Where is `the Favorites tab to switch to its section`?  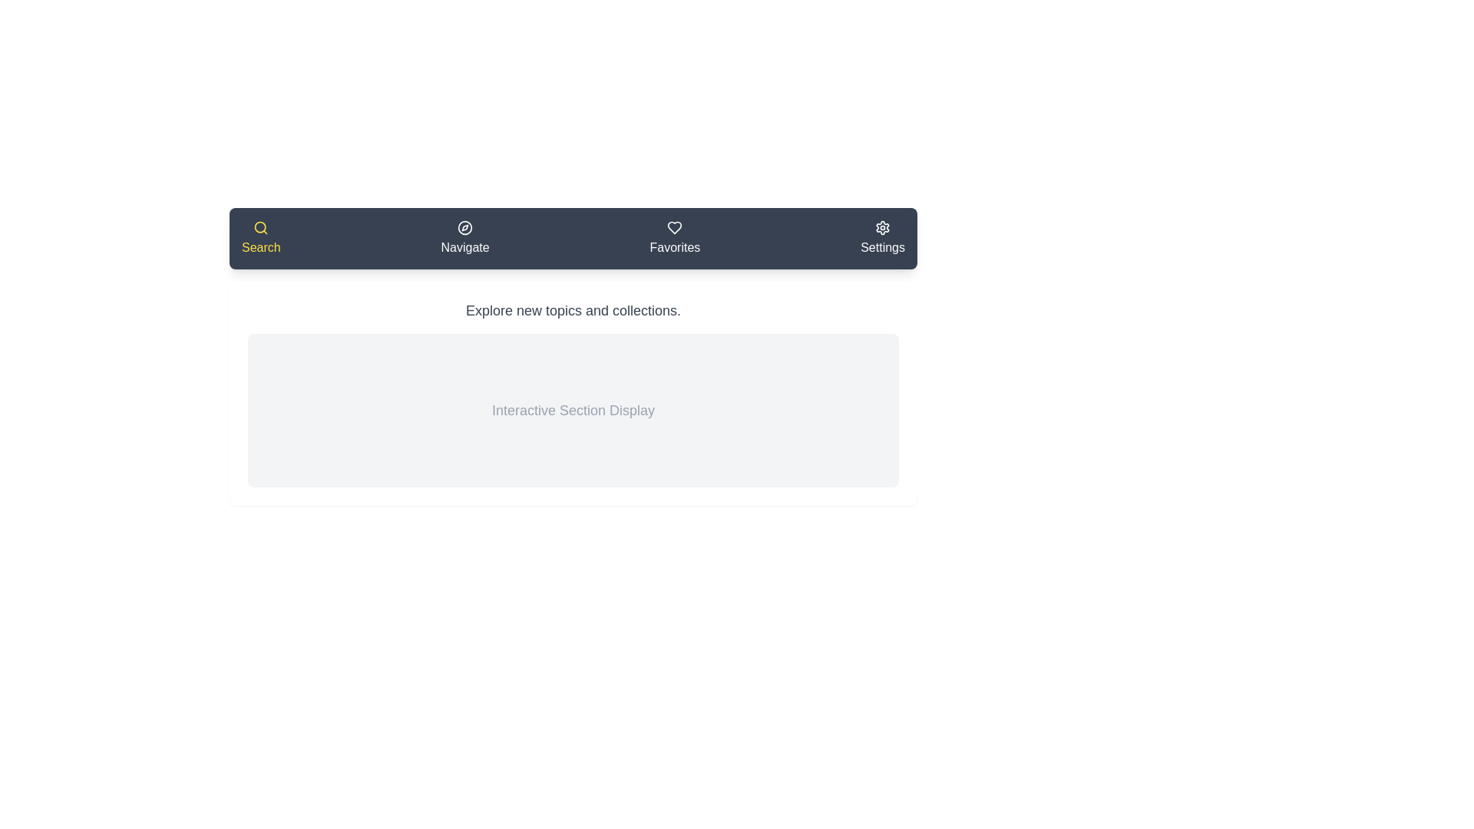 the Favorites tab to switch to its section is located at coordinates (674, 239).